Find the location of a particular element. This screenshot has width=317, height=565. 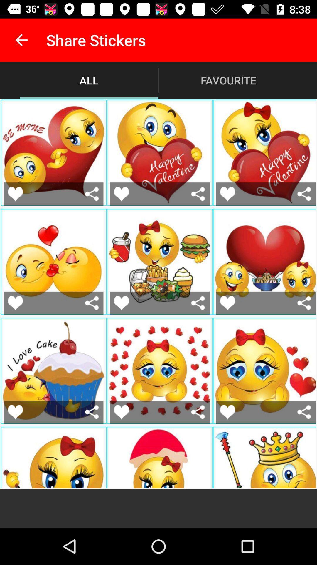

like the photo is located at coordinates (227, 303).